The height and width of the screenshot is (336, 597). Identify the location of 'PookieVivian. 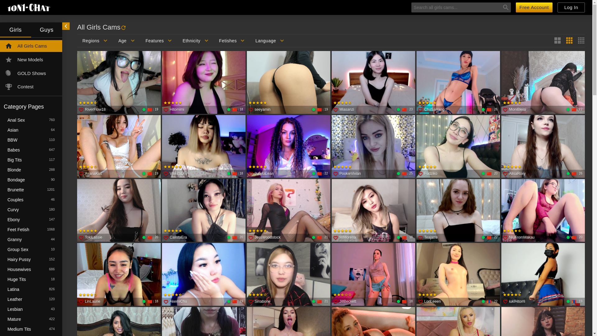
(373, 147).